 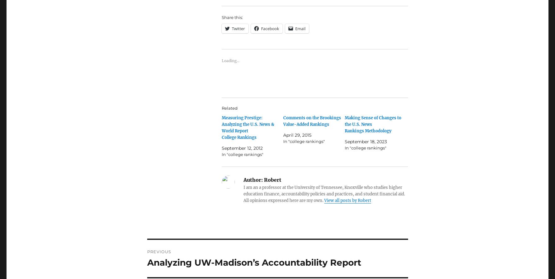 What do you see at coordinates (261, 28) in the screenshot?
I see `'Facebook'` at bounding box center [261, 28].